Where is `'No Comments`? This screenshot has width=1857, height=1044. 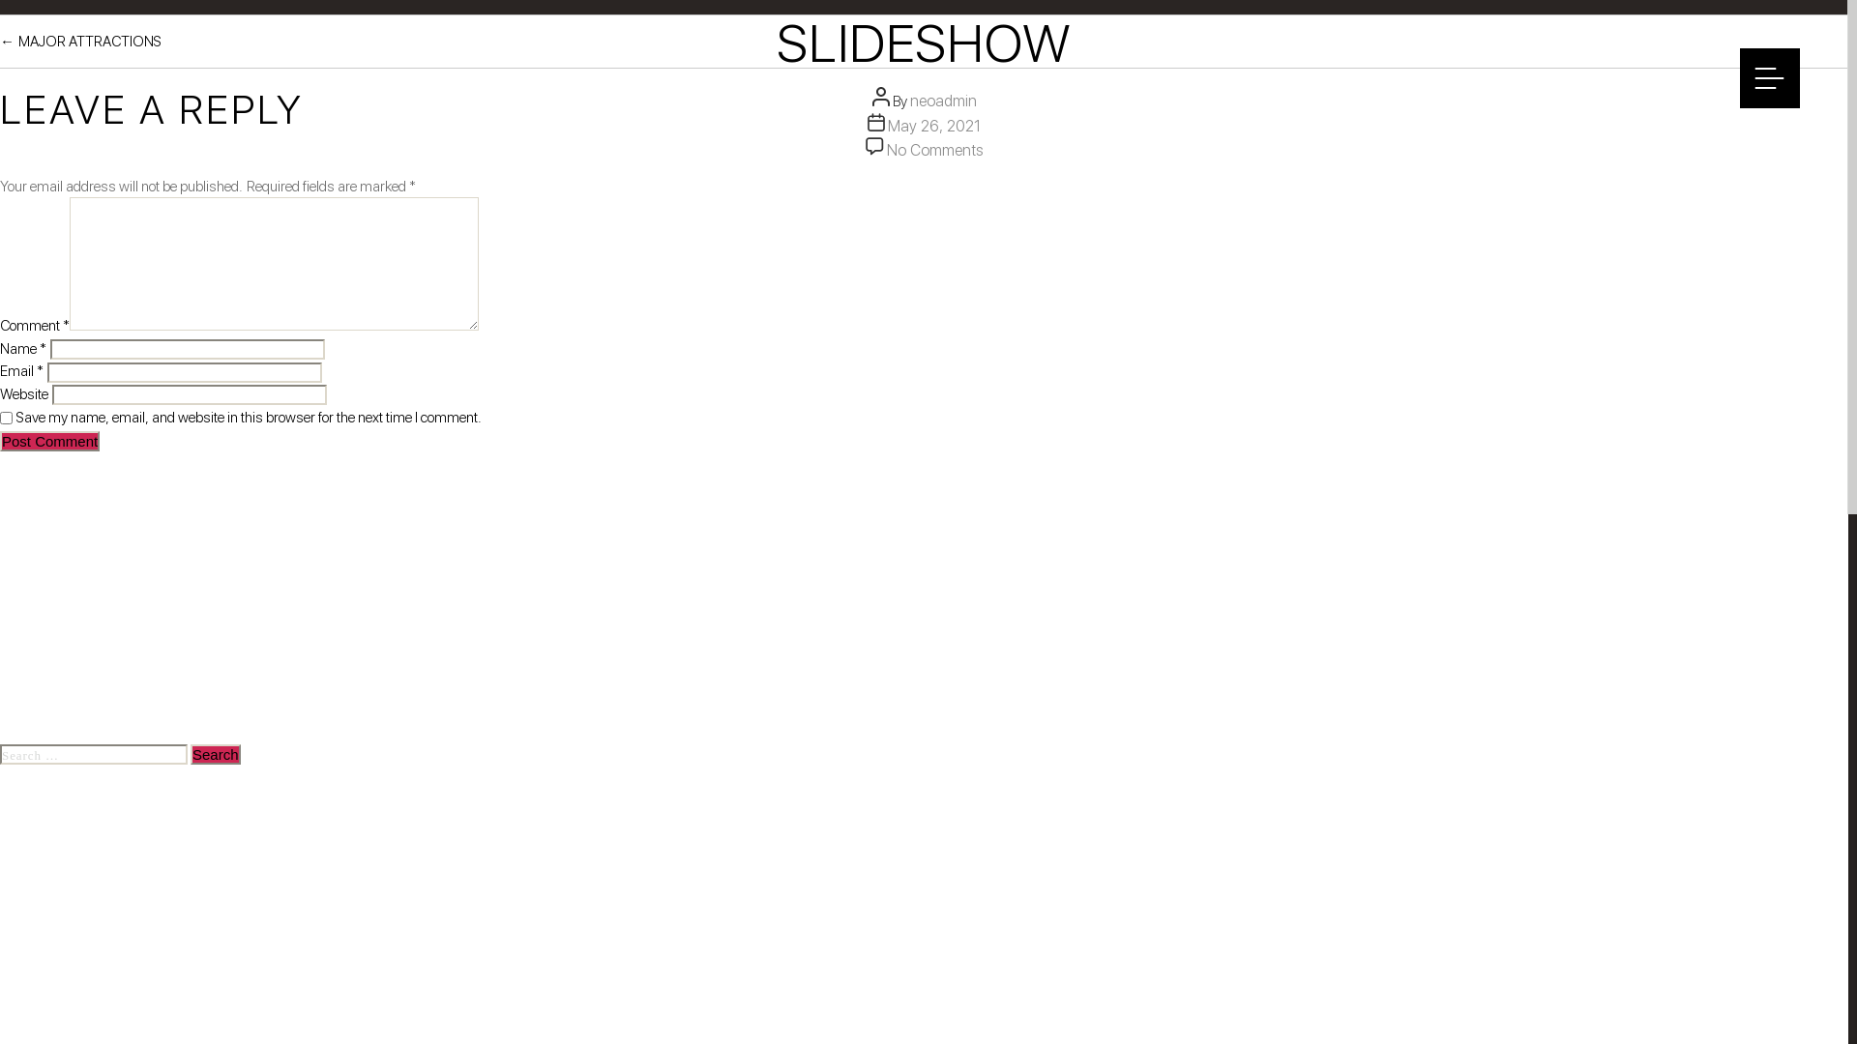 'No Comments is located at coordinates (933, 149).